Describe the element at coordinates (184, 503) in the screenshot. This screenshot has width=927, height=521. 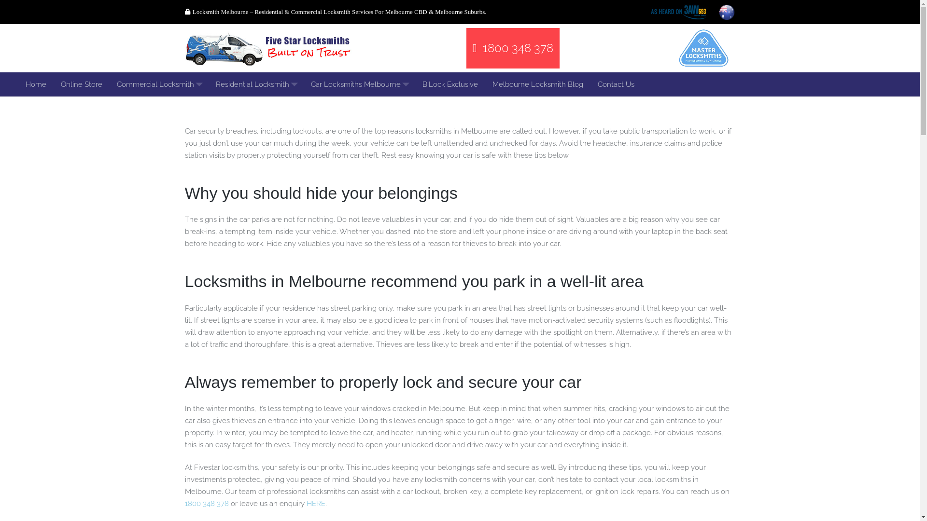
I see `'1800 348 378'` at that location.